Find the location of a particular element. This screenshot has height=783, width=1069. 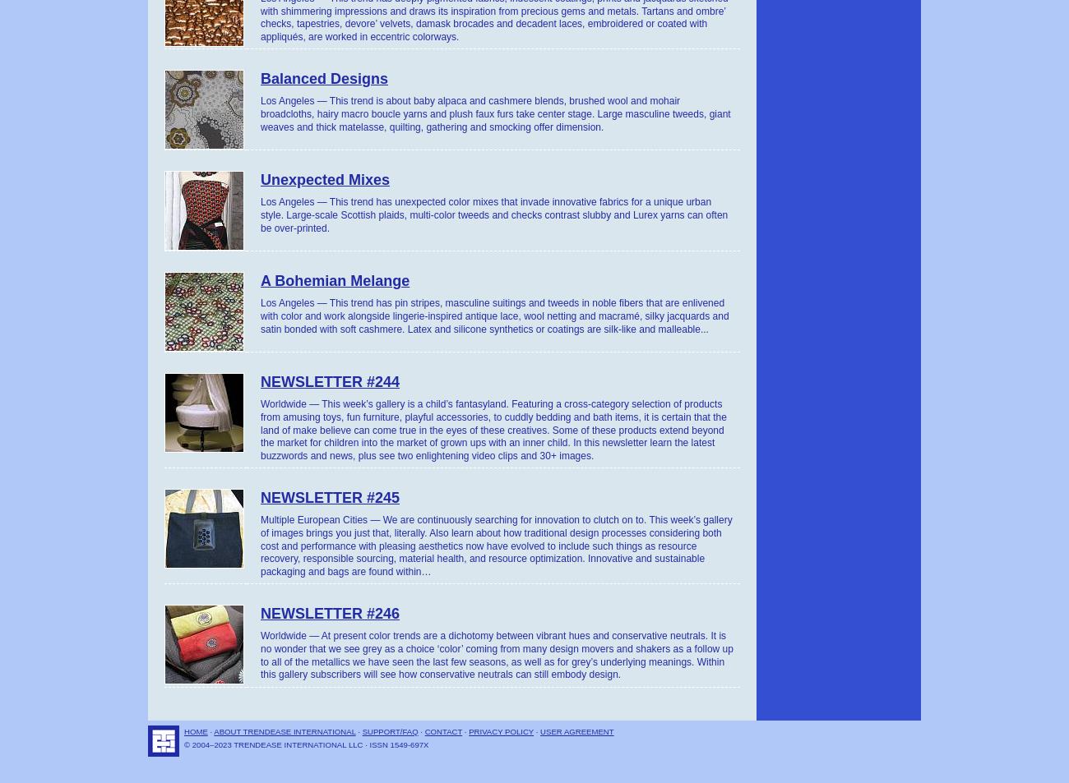

'User agreement' is located at coordinates (539, 730).